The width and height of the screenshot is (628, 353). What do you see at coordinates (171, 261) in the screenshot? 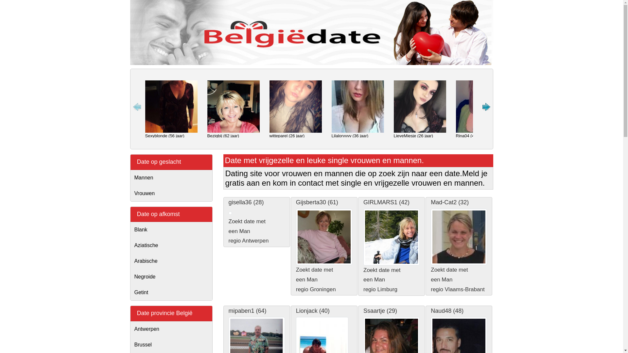
I see `'Arabische'` at bounding box center [171, 261].